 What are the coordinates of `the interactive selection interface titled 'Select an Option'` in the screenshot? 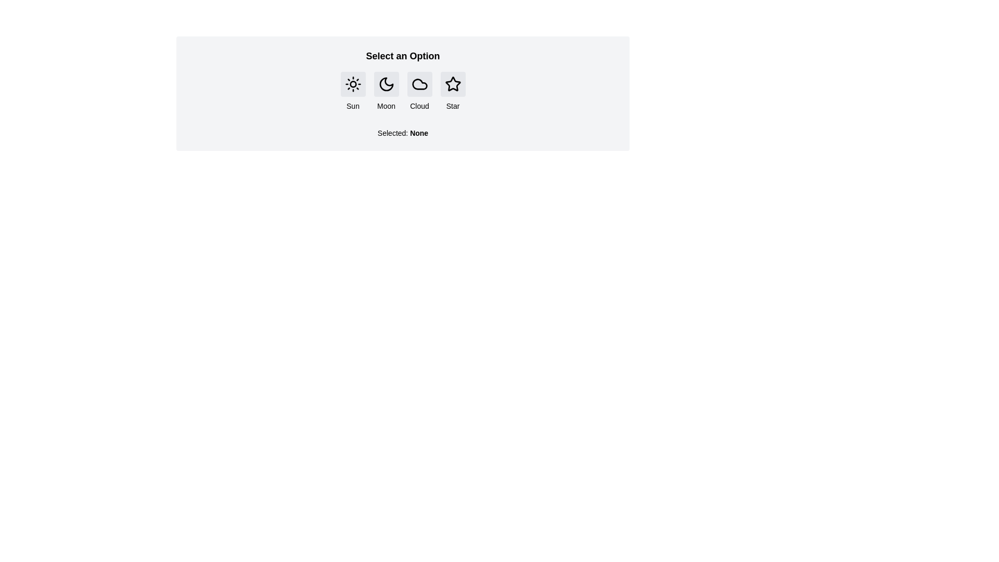 It's located at (402, 94).